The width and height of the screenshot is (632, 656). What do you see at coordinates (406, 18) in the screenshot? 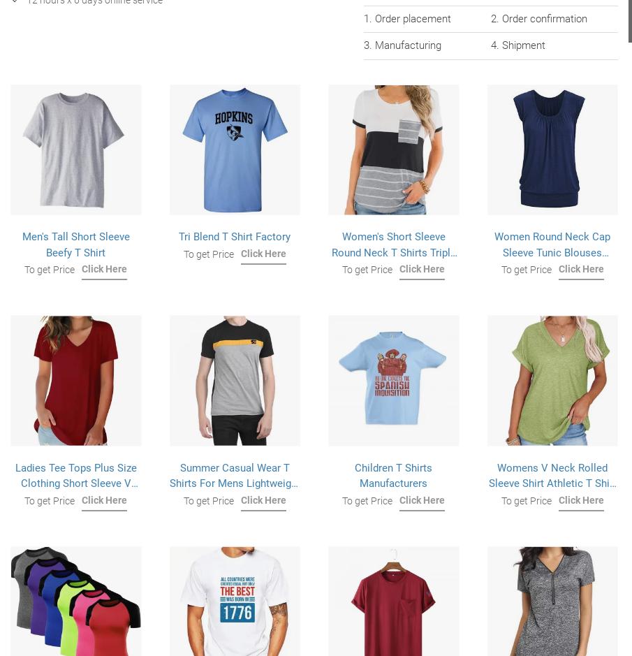
I see `'1. Order placement'` at bounding box center [406, 18].